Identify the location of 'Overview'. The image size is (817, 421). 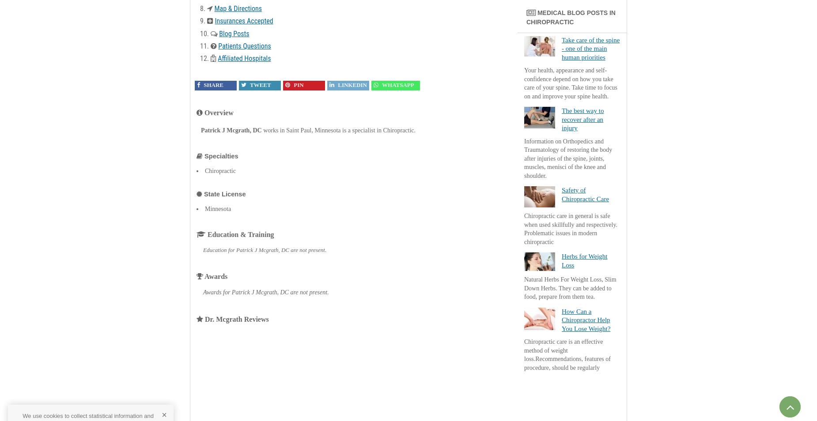
(218, 113).